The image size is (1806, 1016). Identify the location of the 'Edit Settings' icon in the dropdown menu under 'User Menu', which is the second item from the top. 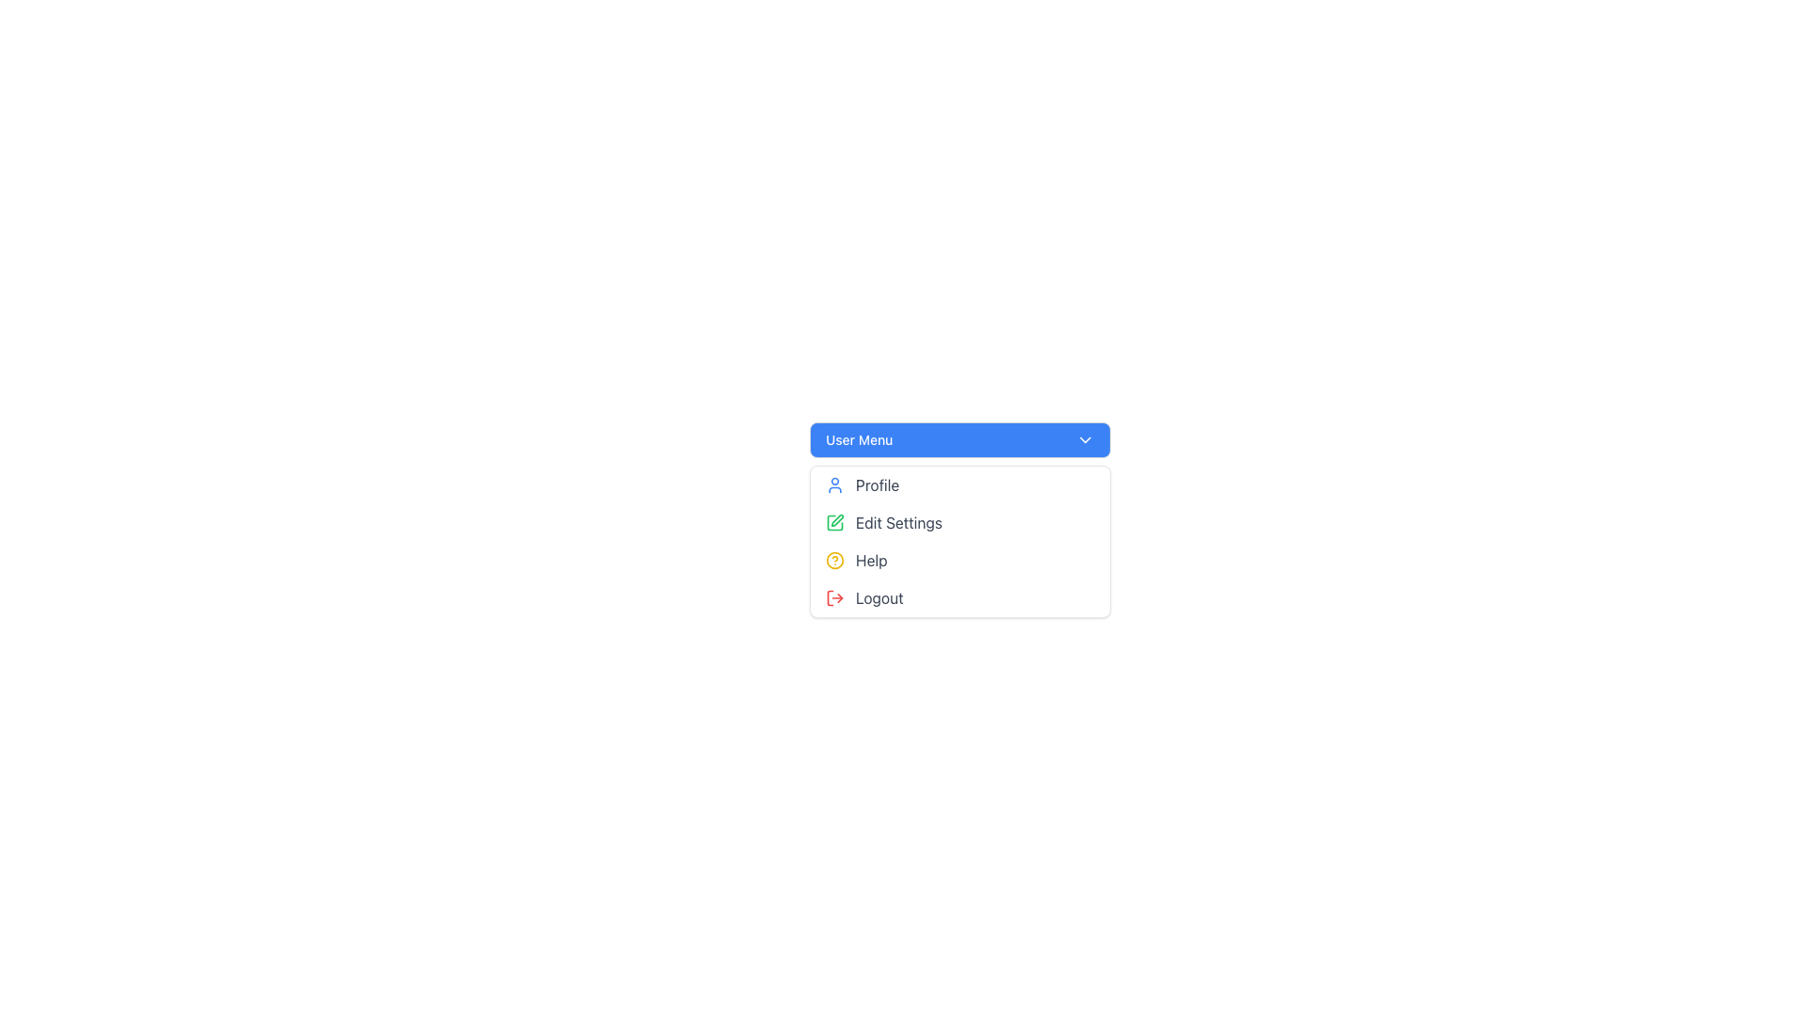
(836, 520).